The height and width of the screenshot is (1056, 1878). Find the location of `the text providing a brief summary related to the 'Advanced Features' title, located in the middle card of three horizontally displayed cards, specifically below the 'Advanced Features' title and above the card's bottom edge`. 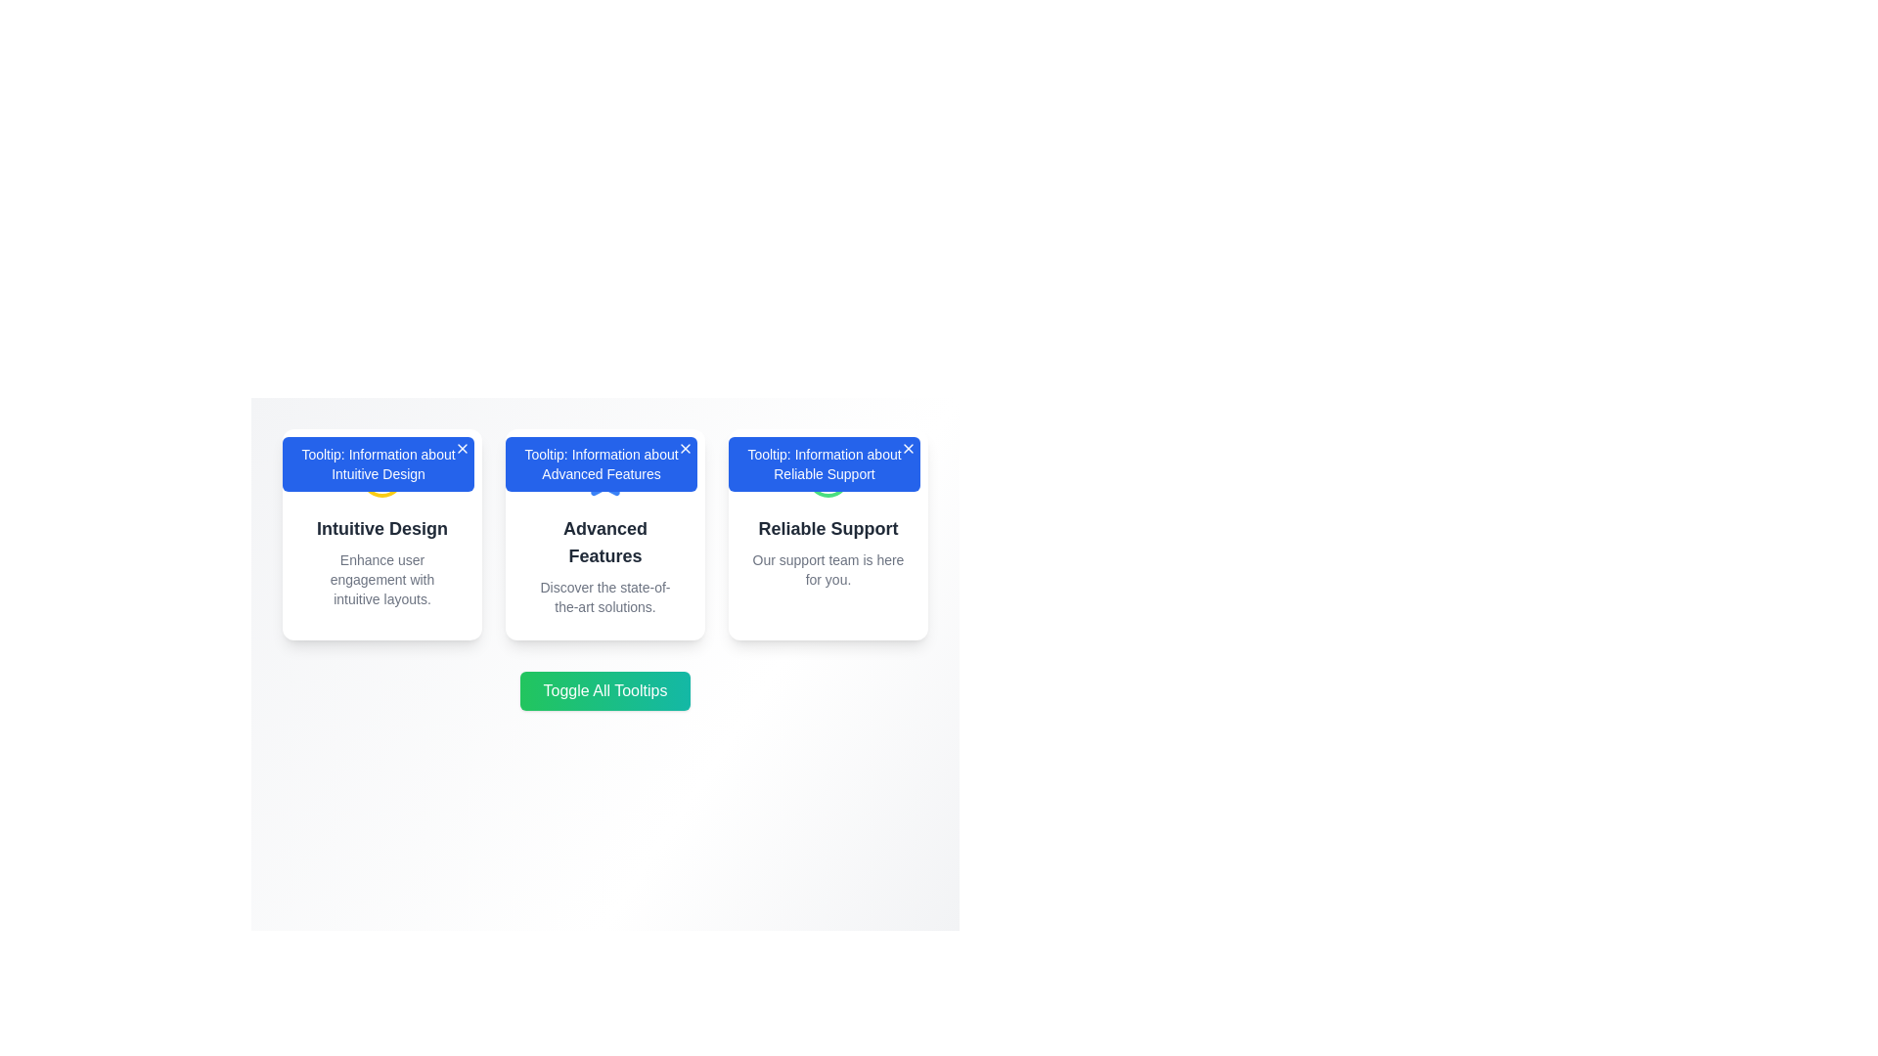

the text providing a brief summary related to the 'Advanced Features' title, located in the middle card of three horizontally displayed cards, specifically below the 'Advanced Features' title and above the card's bottom edge is located at coordinates (604, 595).